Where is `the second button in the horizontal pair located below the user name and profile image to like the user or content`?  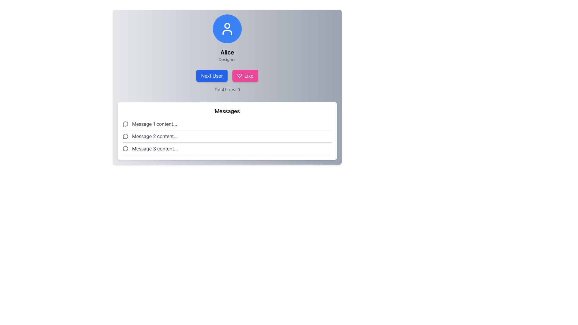 the second button in the horizontal pair located below the user name and profile image to like the user or content is located at coordinates (245, 75).